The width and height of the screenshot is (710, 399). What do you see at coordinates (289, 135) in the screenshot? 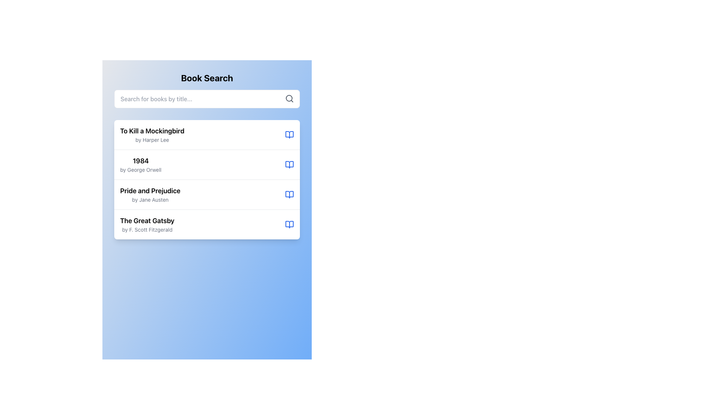
I see `the icon located to the far right of the book entry 'To Kill a Mockingbird by Harper Lee' to initiate an action related to the book entry` at bounding box center [289, 135].